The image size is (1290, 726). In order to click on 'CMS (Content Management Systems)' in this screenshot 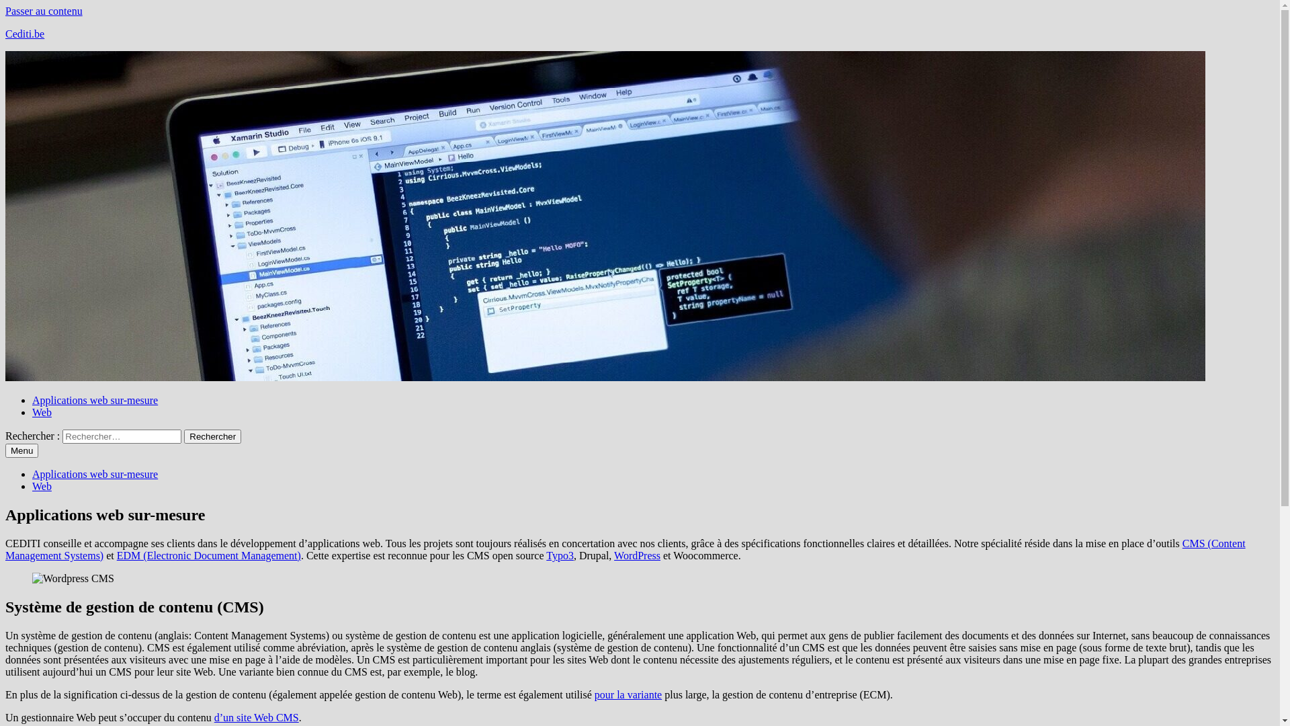, I will do `click(625, 549)`.